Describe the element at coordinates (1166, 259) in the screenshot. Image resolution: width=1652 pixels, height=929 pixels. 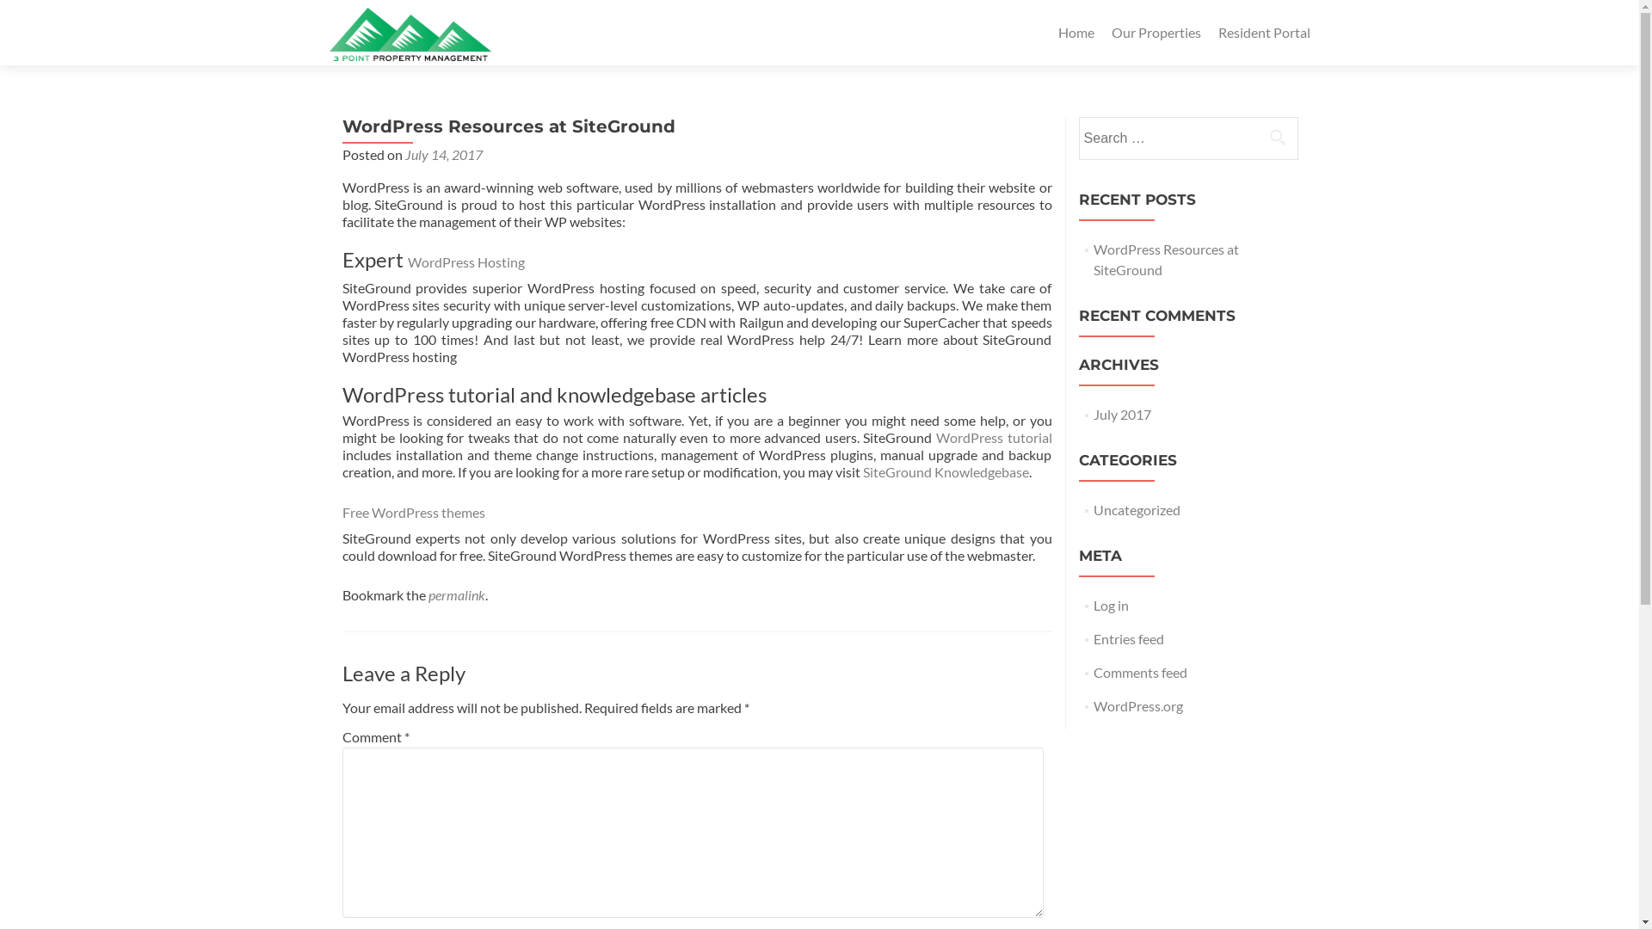
I see `'WordPress Resources at SiteGround'` at that location.